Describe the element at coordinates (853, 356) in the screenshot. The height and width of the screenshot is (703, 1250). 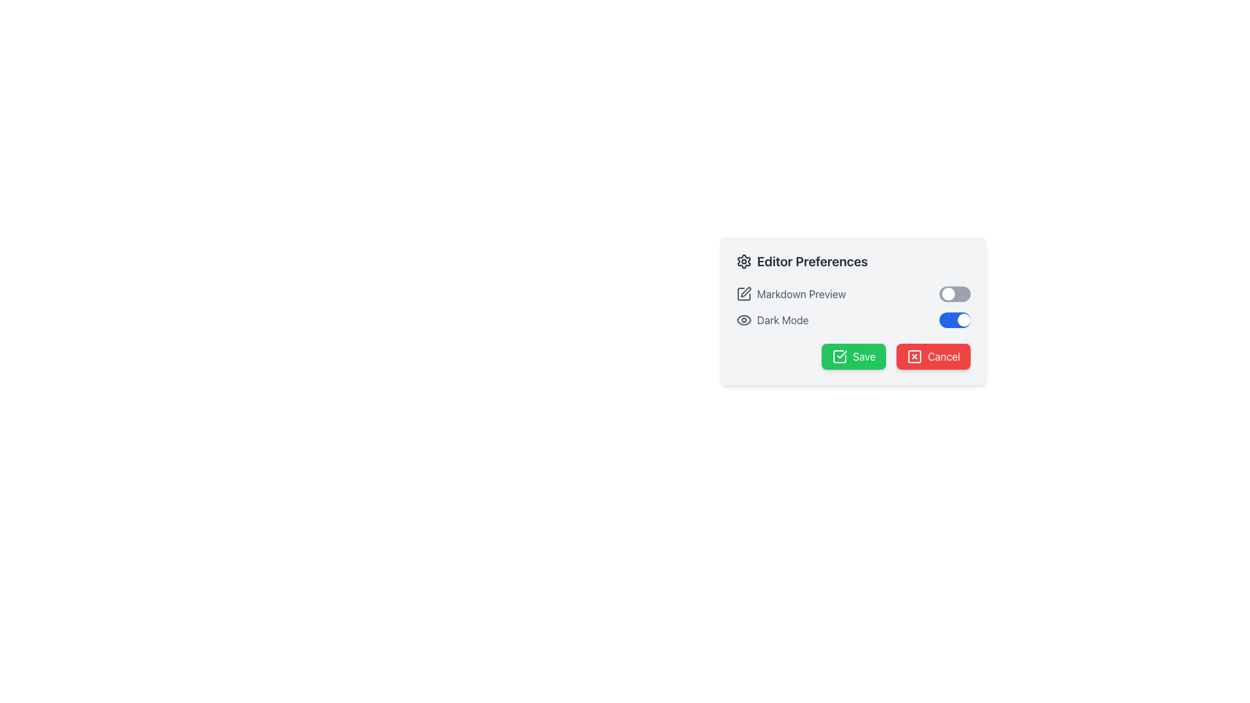
I see `the 'Save' button, which is a green rectangular button with a check icon, located at the bottom of the 'Editor Preferences' panel` at that location.